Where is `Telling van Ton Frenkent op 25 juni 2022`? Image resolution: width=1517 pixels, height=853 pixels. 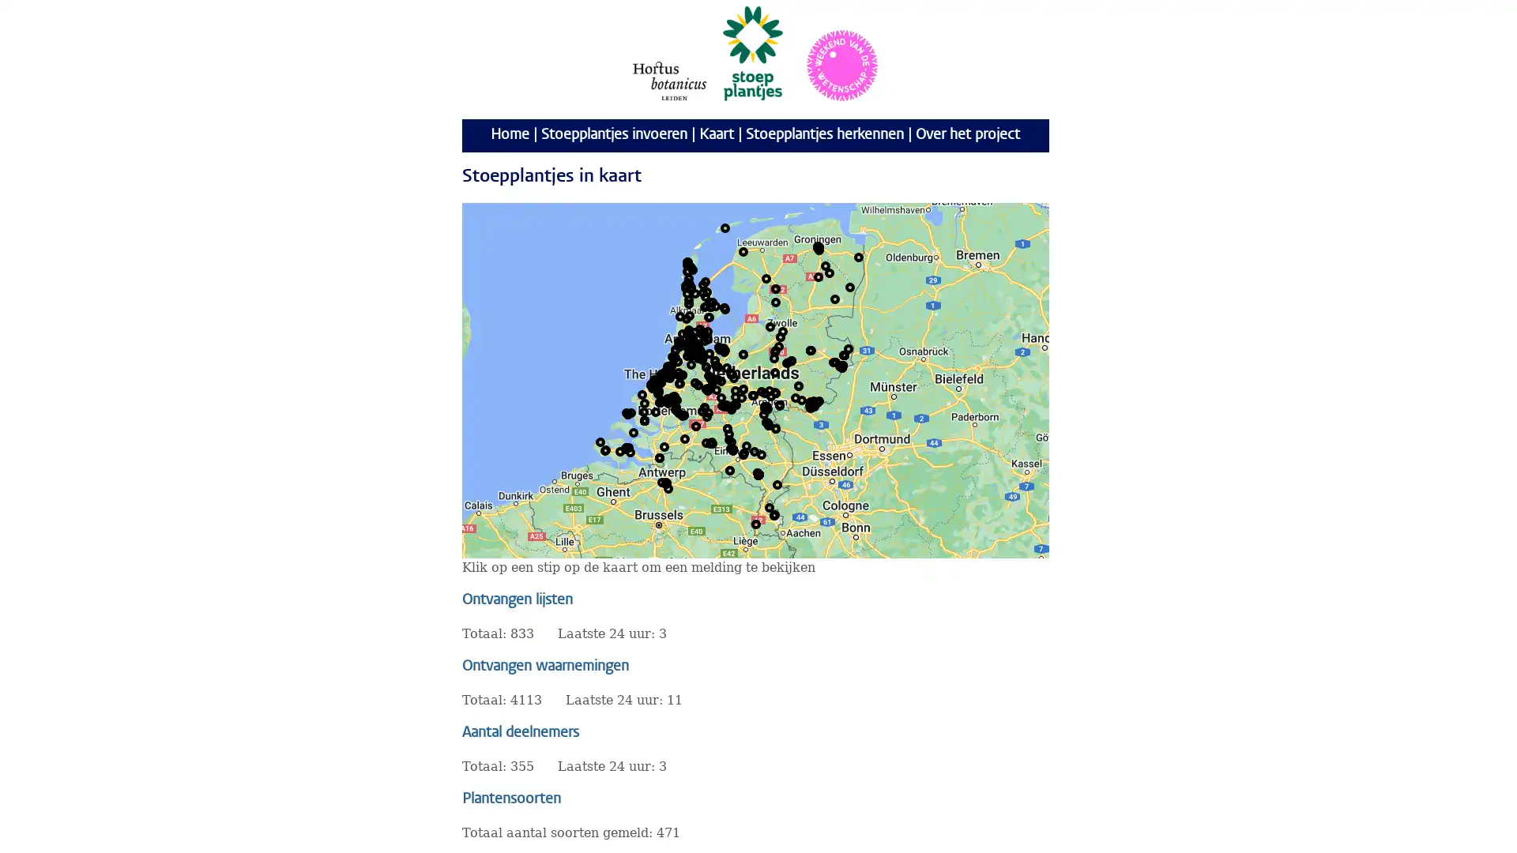
Telling van Ton Frenkent op 25 juni 2022 is located at coordinates (758, 474).